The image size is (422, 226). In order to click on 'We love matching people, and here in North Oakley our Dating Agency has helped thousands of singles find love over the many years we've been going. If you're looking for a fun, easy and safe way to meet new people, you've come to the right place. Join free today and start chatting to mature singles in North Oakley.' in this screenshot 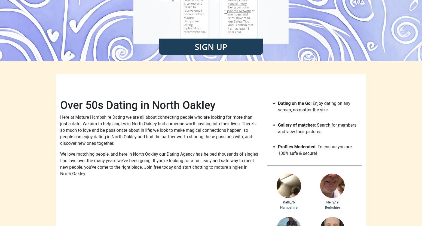, I will do `click(159, 164)`.